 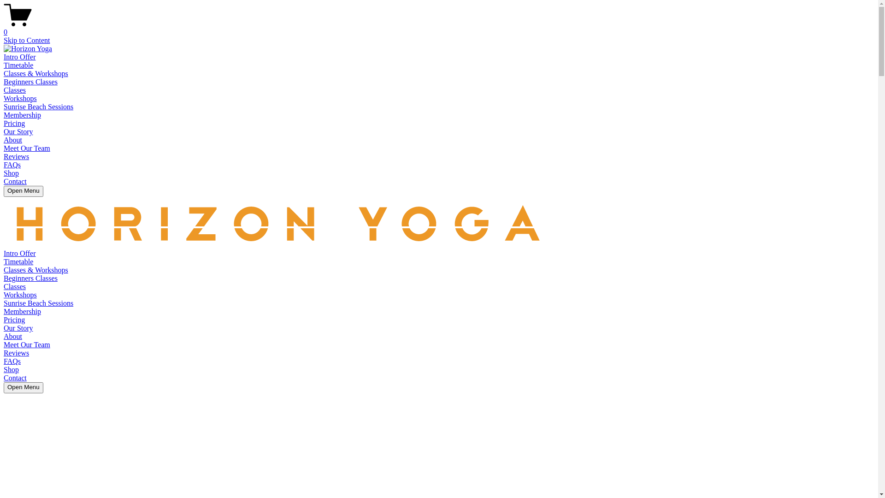 I want to click on 'Timetable', so click(x=18, y=65).